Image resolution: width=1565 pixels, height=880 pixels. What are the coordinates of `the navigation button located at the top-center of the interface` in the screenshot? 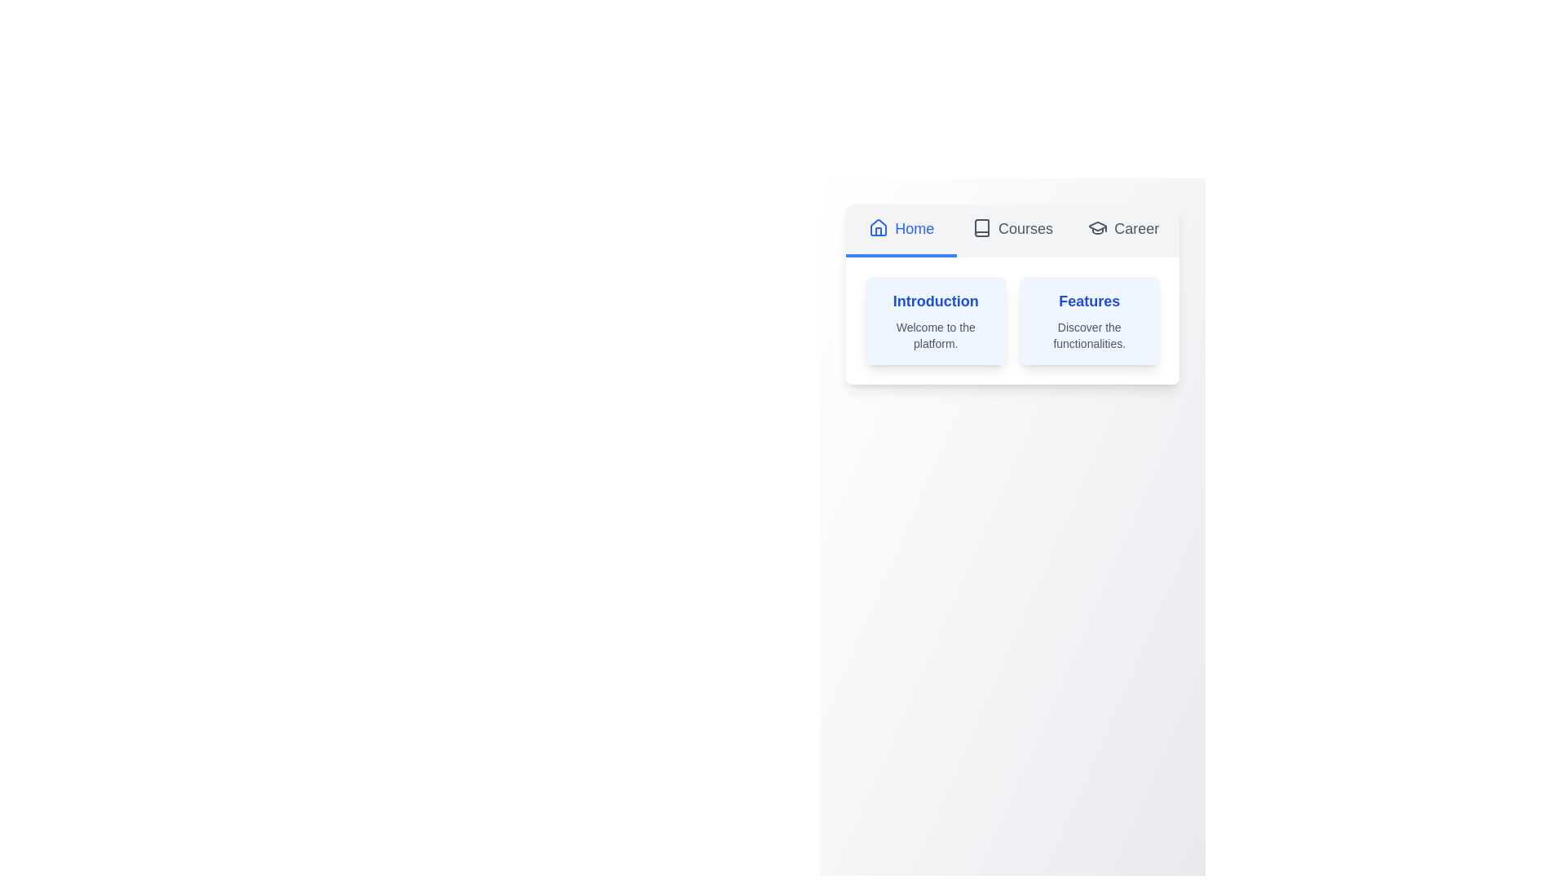 It's located at (901, 231).